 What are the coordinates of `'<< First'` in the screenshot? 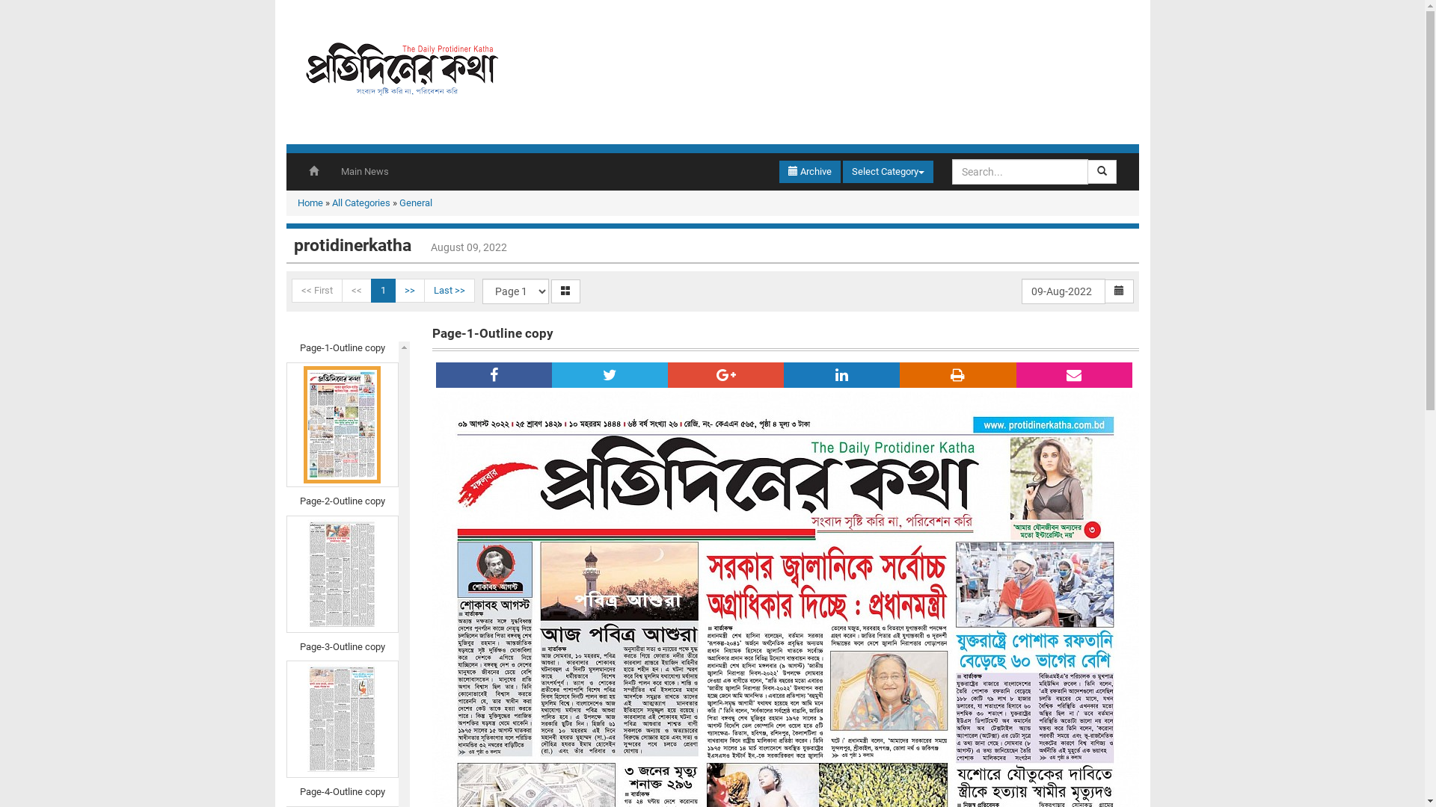 It's located at (316, 291).